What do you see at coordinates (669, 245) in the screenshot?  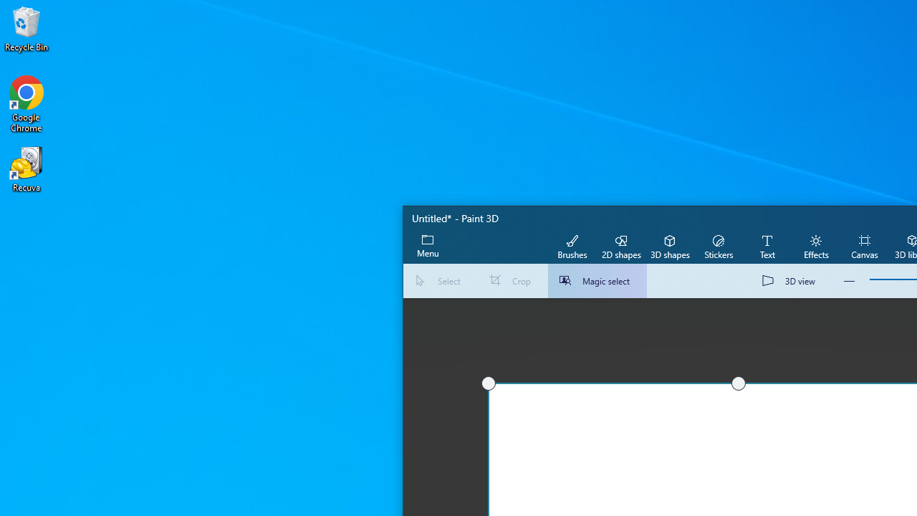 I see `'3D shapes'` at bounding box center [669, 245].